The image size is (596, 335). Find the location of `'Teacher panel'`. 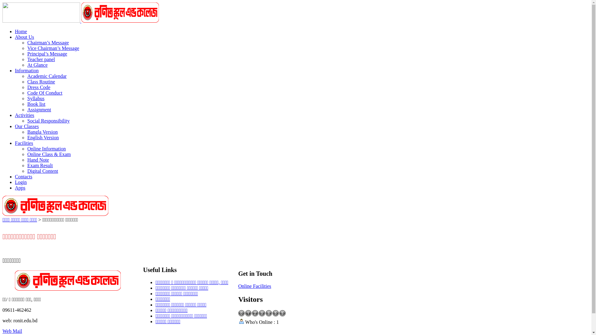

'Teacher panel' is located at coordinates (41, 59).